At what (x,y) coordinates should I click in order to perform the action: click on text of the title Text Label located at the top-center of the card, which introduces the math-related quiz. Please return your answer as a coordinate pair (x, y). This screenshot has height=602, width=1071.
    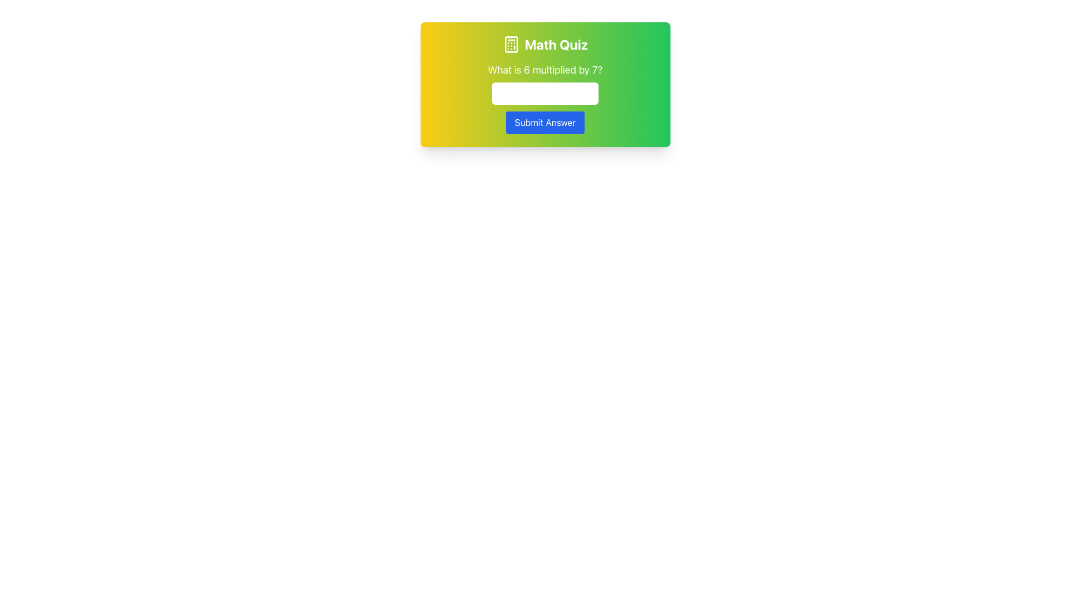
    Looking at the image, I should click on (556, 44).